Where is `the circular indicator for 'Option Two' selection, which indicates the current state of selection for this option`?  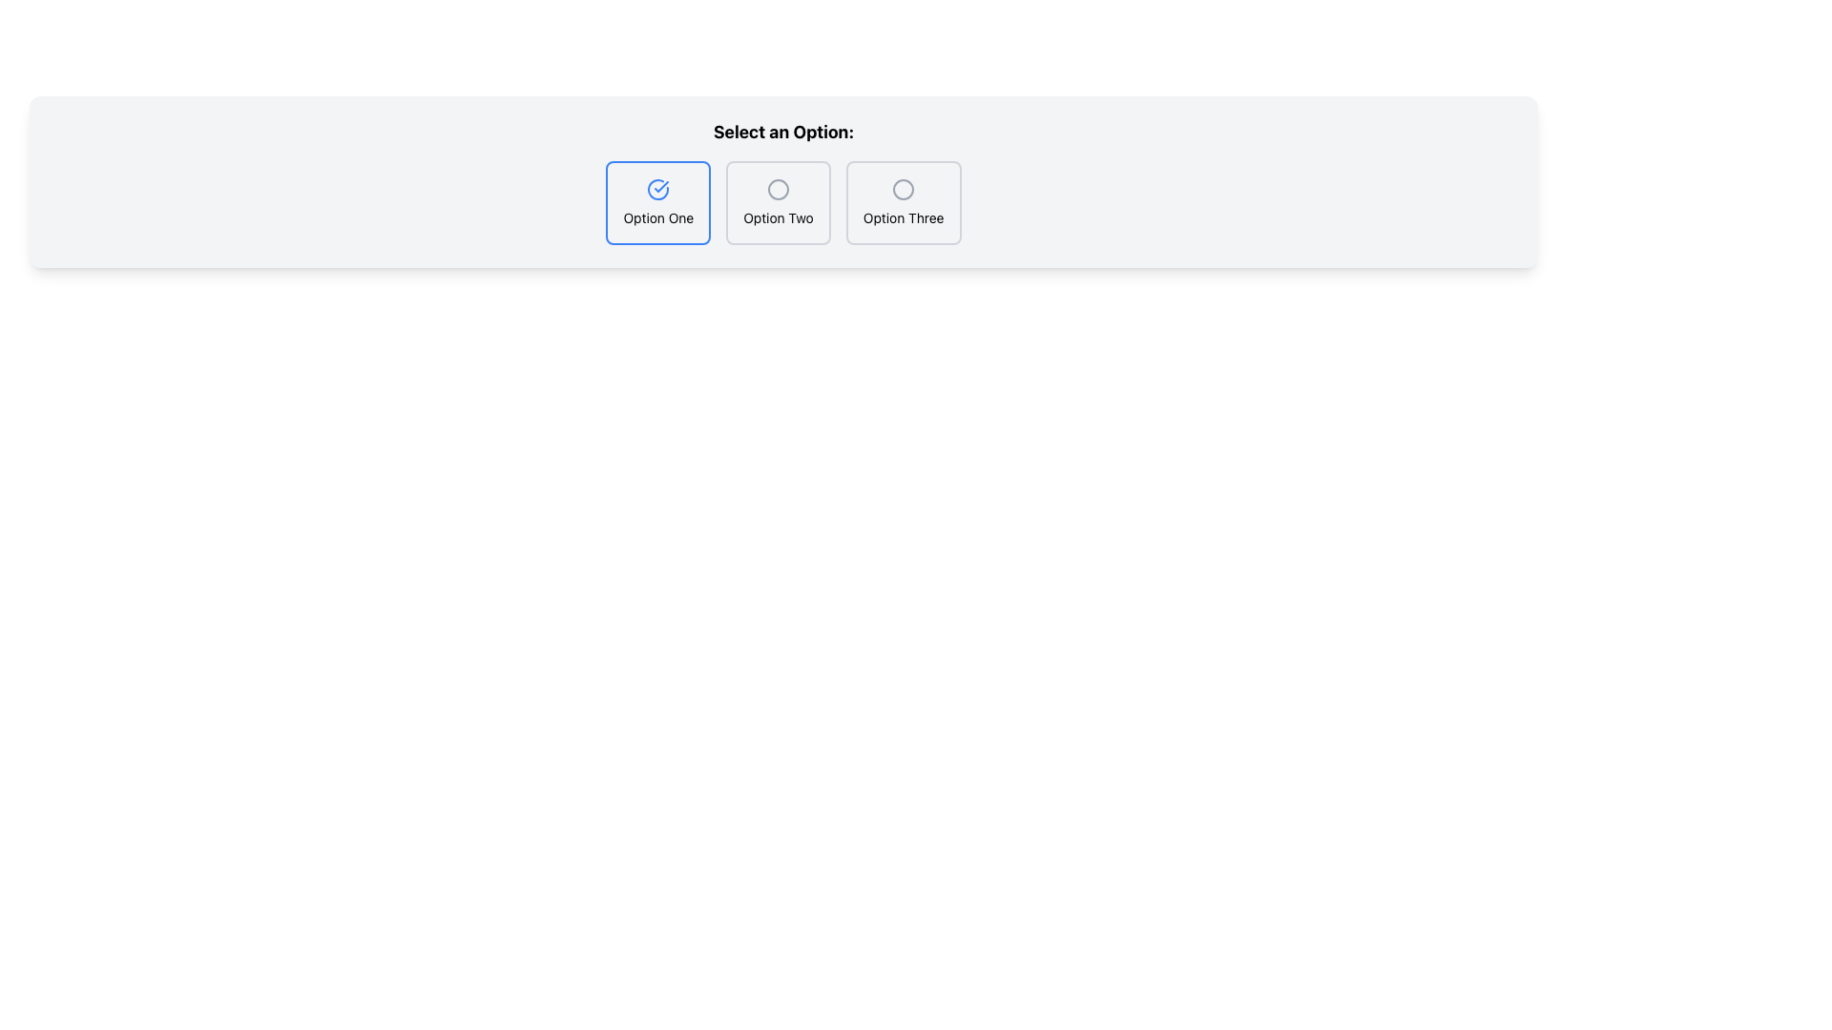 the circular indicator for 'Option Two' selection, which indicates the current state of selection for this option is located at coordinates (779, 190).